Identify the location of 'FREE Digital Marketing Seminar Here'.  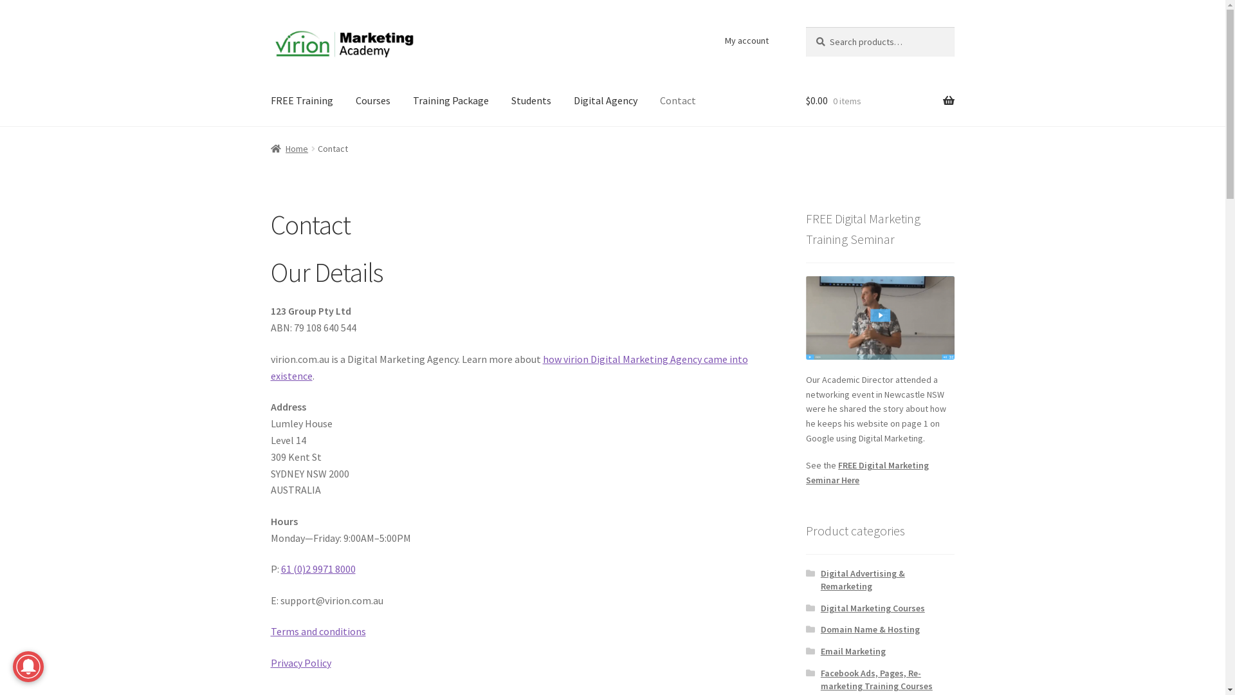
(867, 472).